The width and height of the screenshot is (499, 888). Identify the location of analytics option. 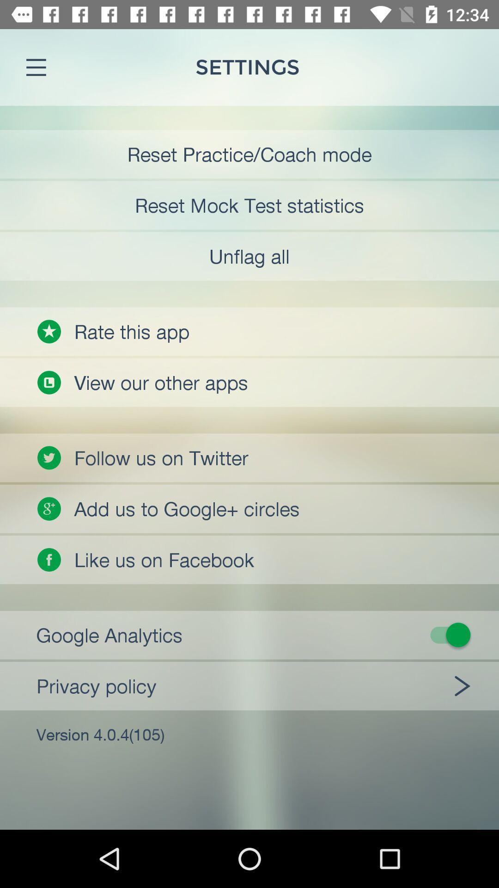
(256, 634).